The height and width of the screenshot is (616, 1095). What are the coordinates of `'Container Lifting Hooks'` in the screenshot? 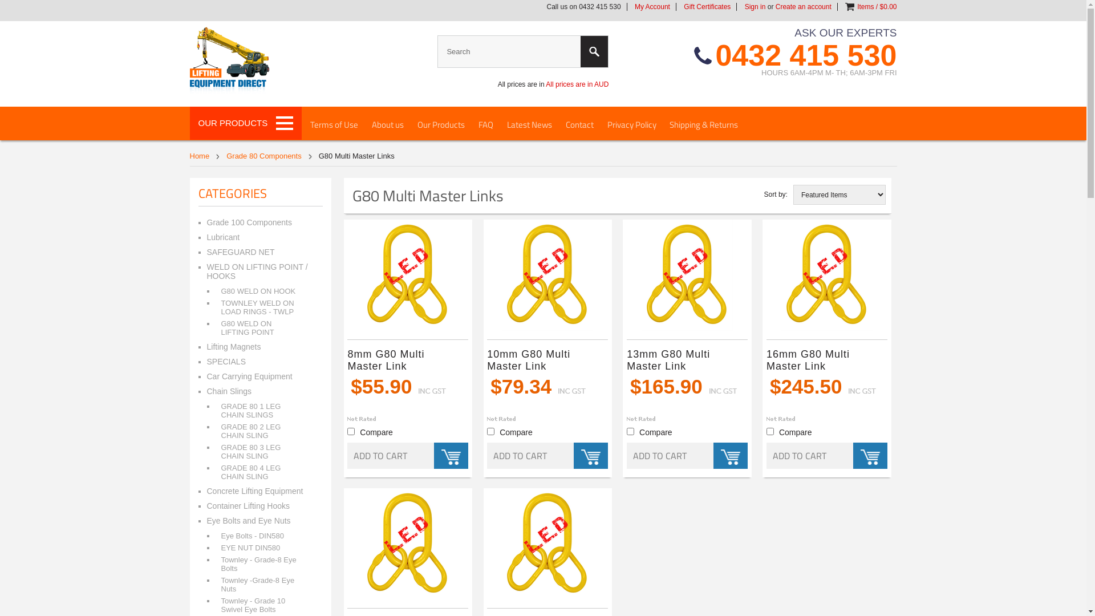 It's located at (258, 505).